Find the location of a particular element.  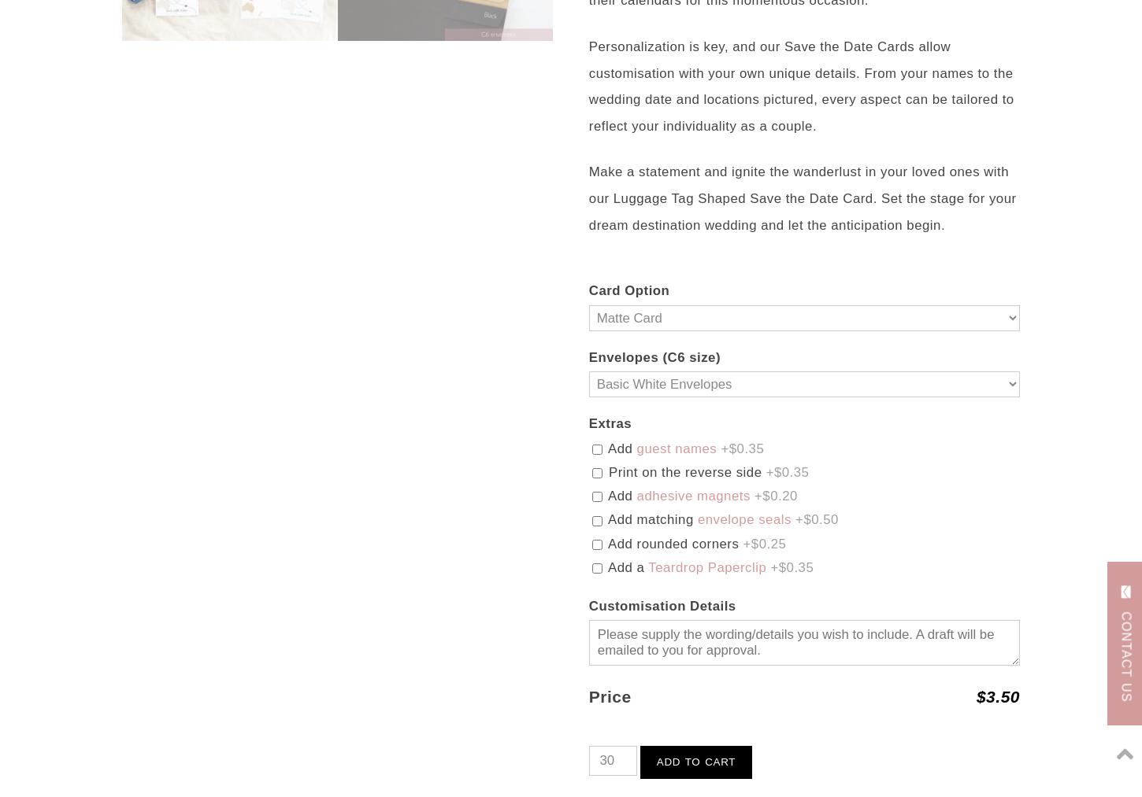

'Add rounded corners' is located at coordinates (604, 542).